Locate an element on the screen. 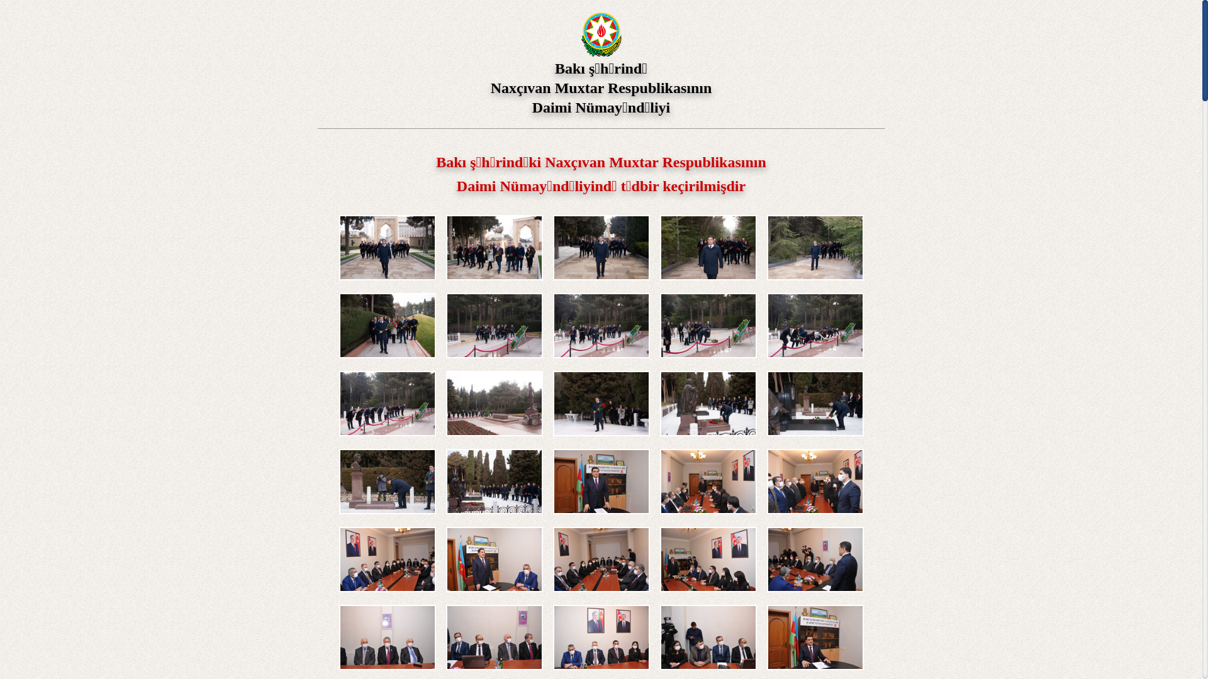 This screenshot has height=679, width=1208. 'Click to enlarge' is located at coordinates (493, 247).